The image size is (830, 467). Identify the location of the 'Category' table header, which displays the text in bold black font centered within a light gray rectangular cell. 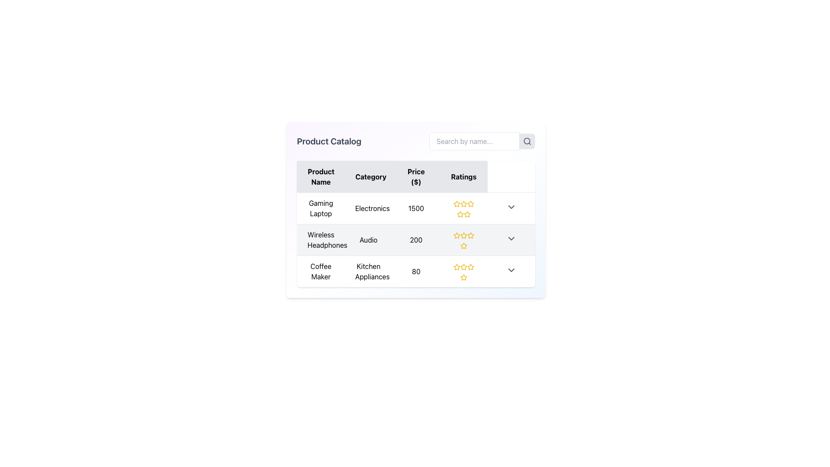
(368, 176).